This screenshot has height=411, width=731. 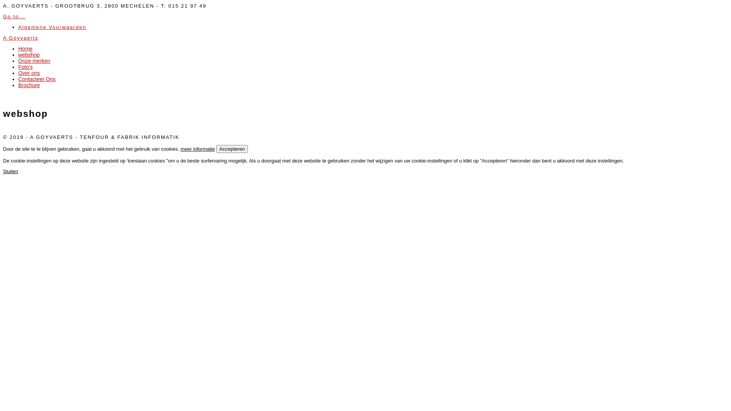 I want to click on 'Sluiten', so click(x=11, y=171).